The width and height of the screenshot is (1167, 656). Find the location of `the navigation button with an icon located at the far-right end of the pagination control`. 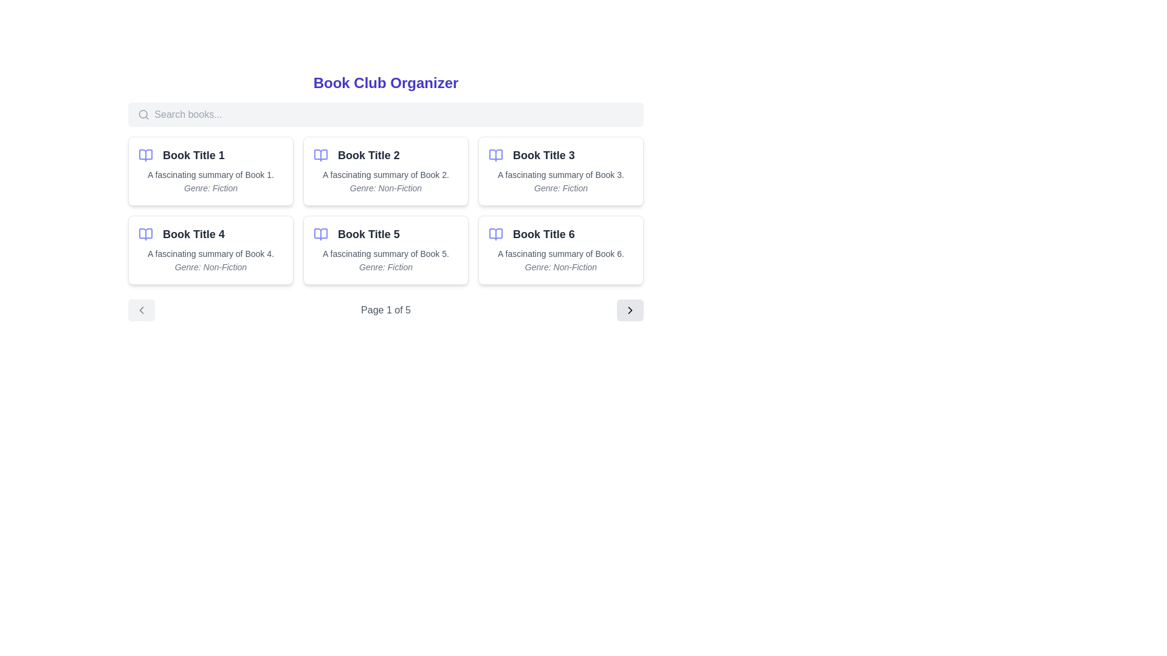

the navigation button with an icon located at the far-right end of the pagination control is located at coordinates (630, 309).